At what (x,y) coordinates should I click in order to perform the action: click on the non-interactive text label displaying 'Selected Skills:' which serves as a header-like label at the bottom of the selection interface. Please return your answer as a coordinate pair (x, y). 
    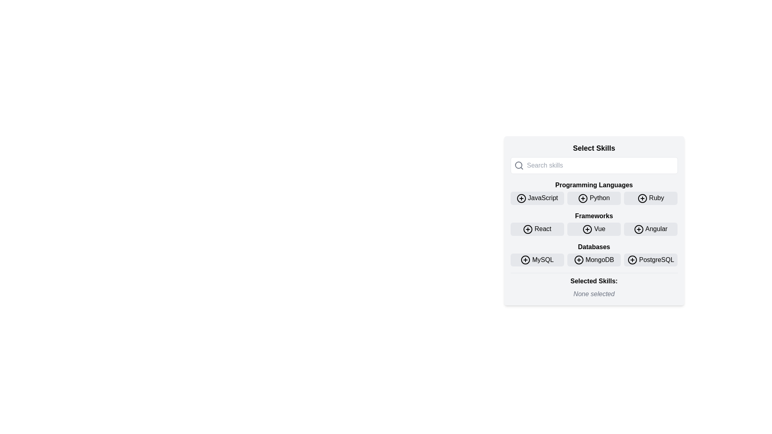
    Looking at the image, I should click on (594, 281).